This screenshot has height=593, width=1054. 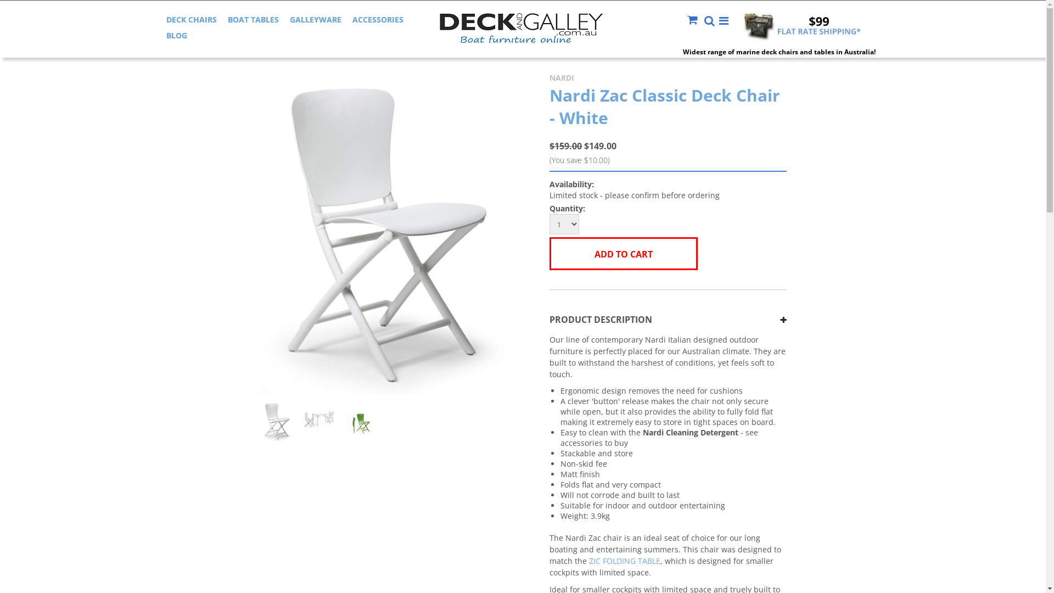 What do you see at coordinates (226, 19) in the screenshot?
I see `'BOAT TABLES'` at bounding box center [226, 19].